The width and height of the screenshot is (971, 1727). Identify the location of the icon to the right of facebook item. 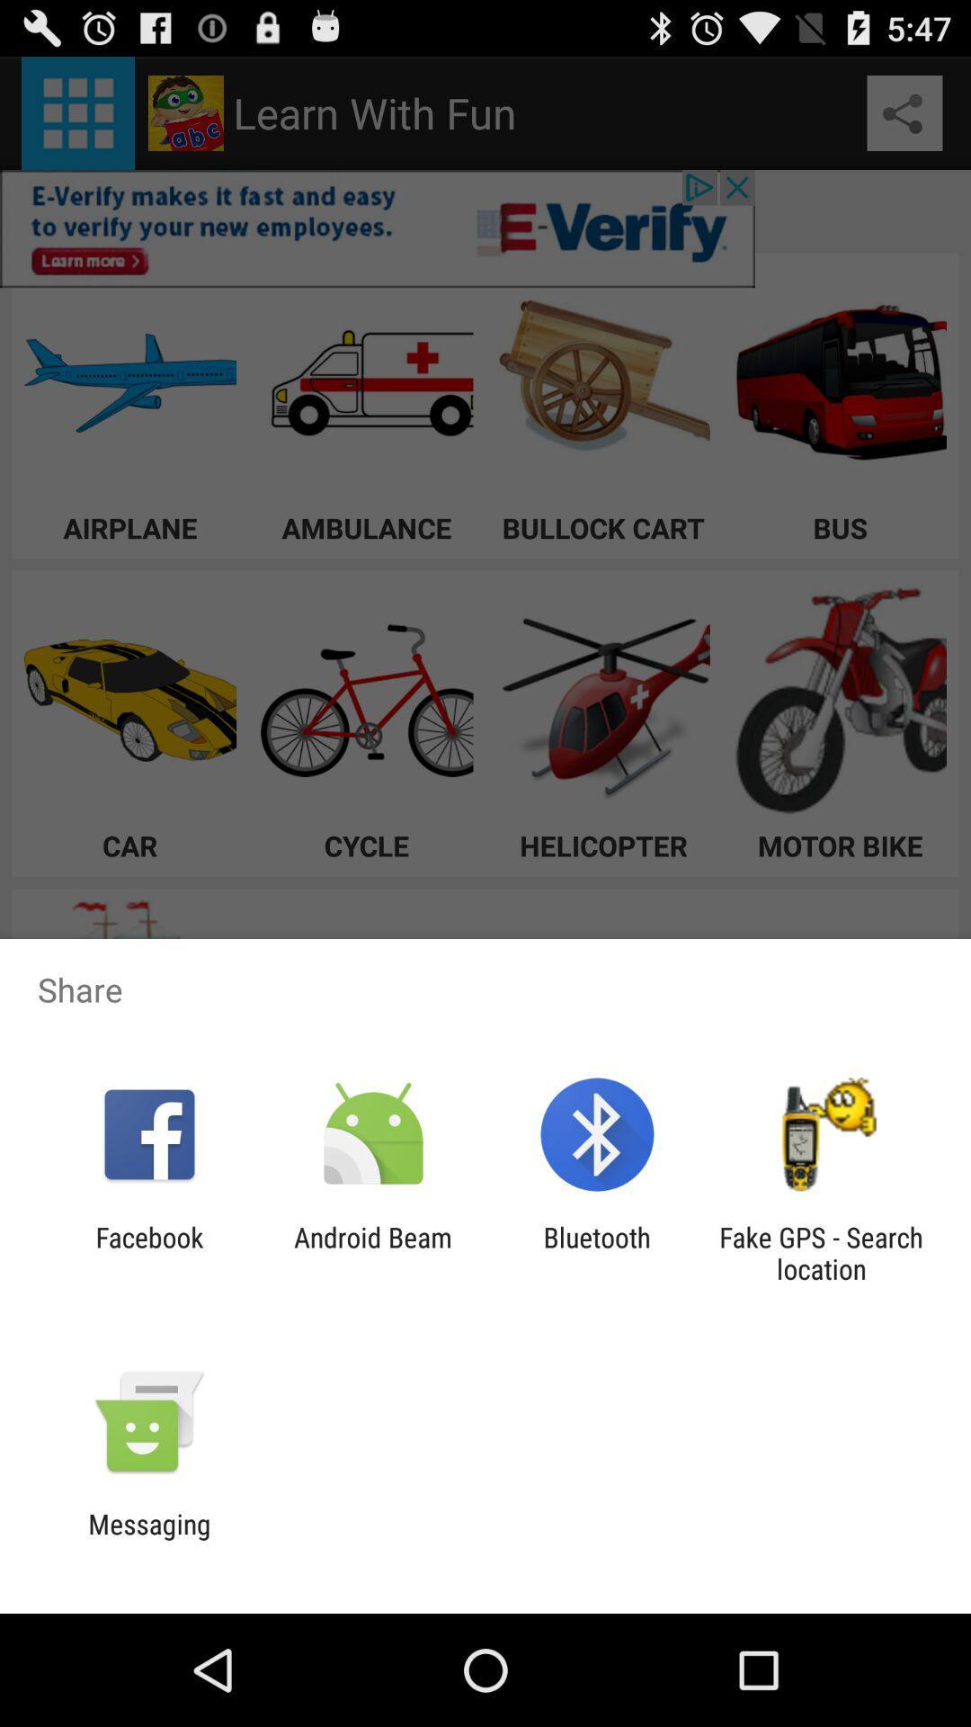
(372, 1252).